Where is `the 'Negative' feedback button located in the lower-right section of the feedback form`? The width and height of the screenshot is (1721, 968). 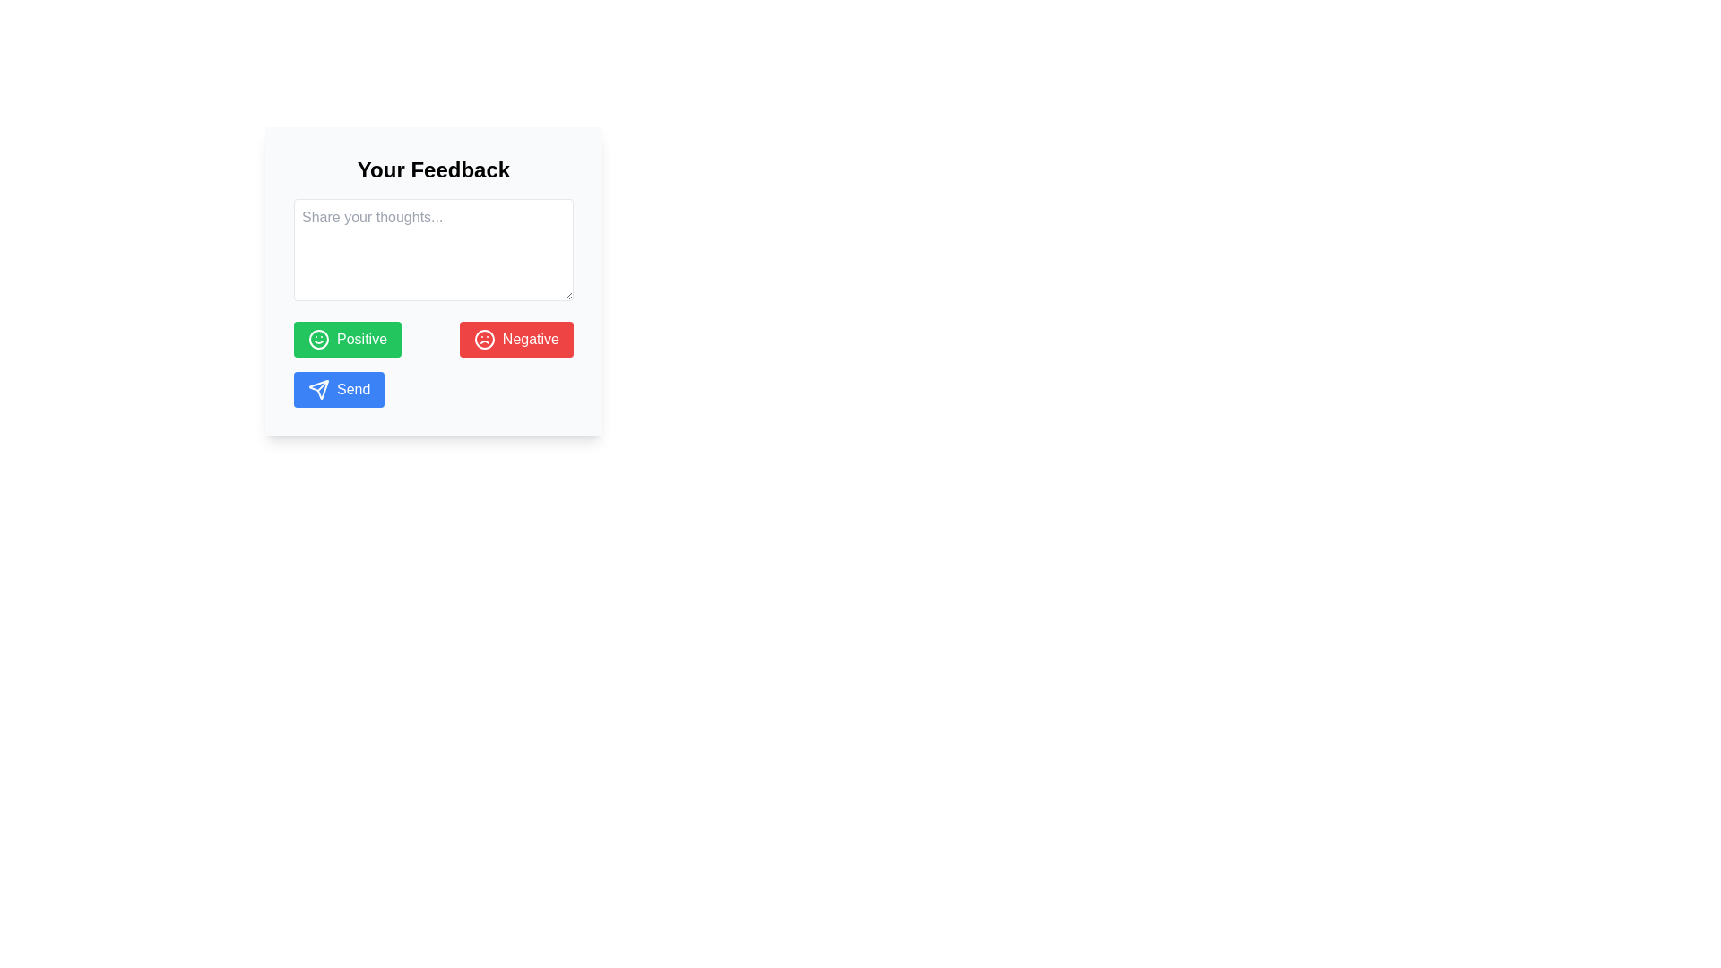 the 'Negative' feedback button located in the lower-right section of the feedback form is located at coordinates (515, 339).